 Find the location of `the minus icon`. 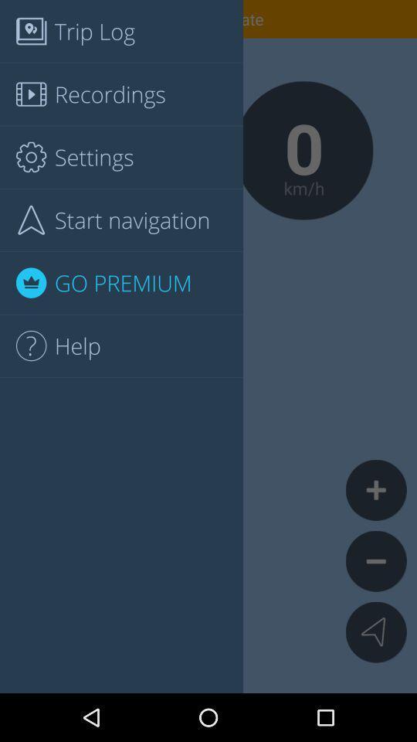

the minus icon is located at coordinates (375, 560).